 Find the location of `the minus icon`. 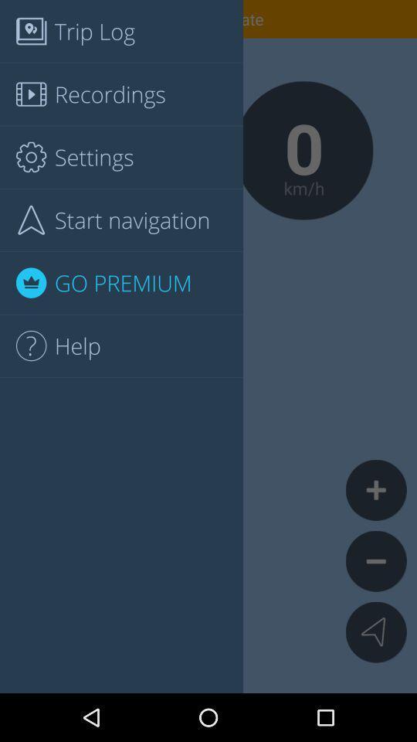

the minus icon is located at coordinates (375, 560).